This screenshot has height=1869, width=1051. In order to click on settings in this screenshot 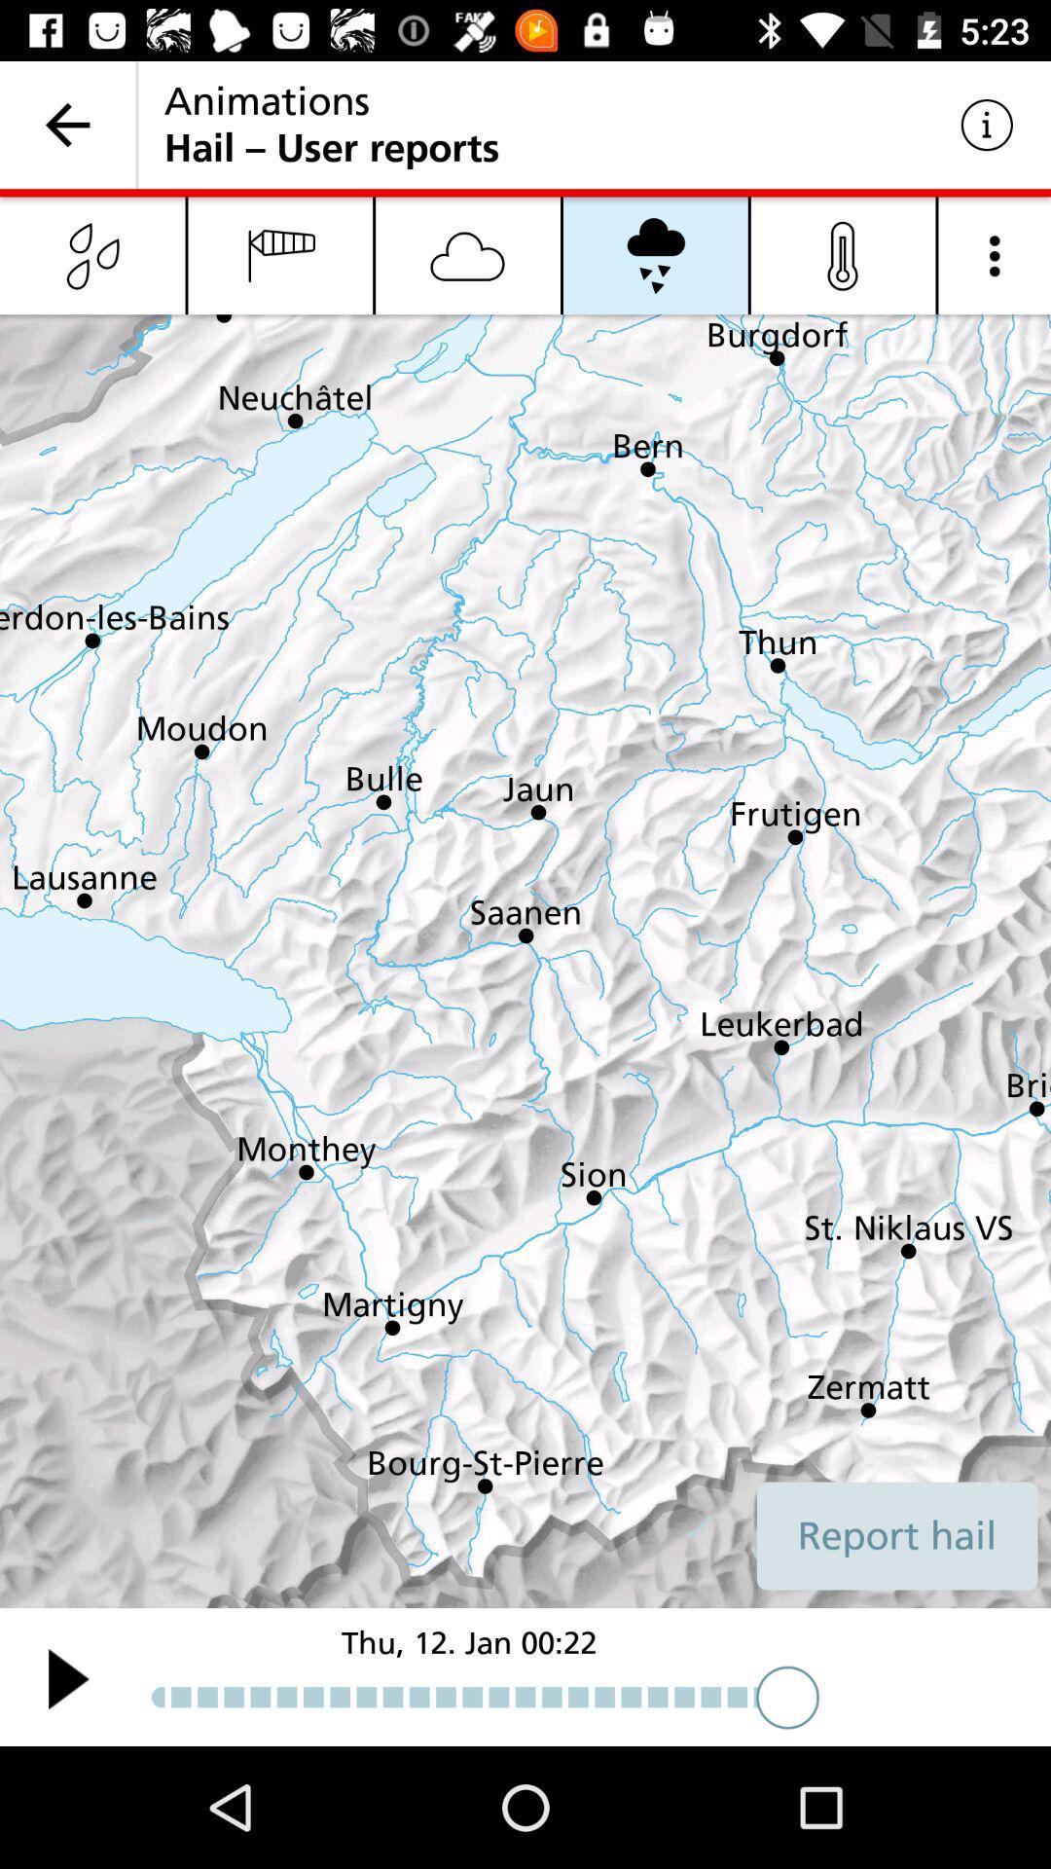, I will do `click(995, 254)`.